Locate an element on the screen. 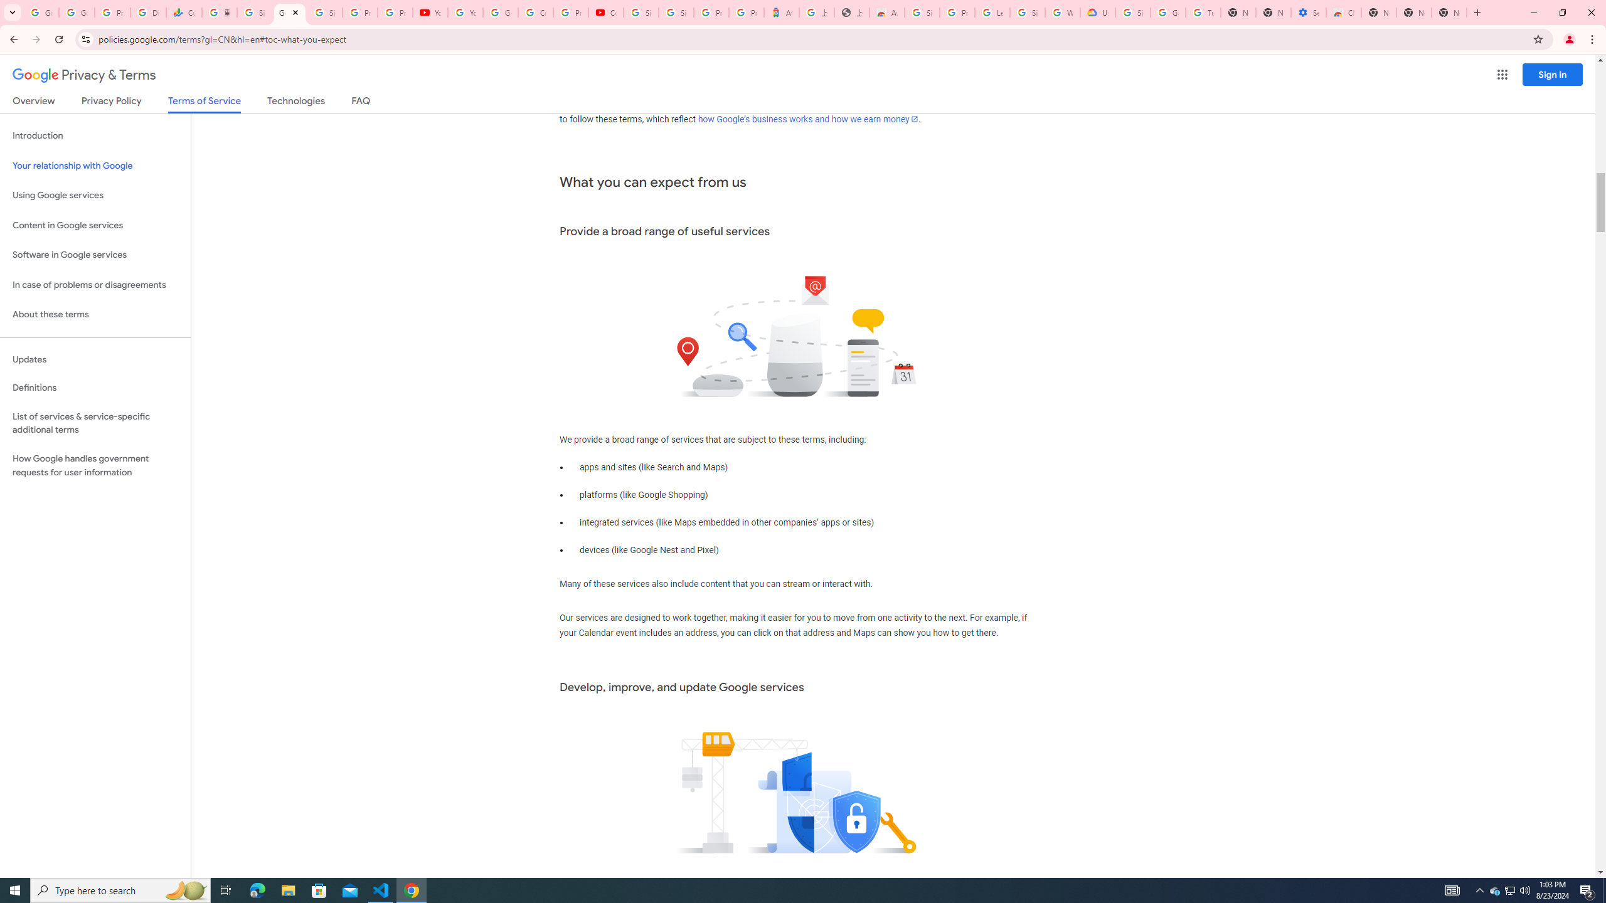  'Software in Google services' is located at coordinates (95, 254).